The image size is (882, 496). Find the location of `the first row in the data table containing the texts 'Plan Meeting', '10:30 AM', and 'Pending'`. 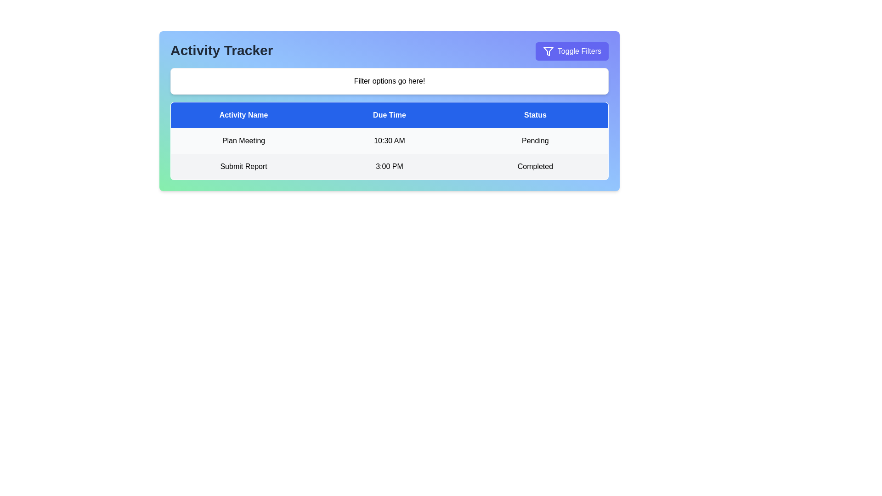

the first row in the data table containing the texts 'Plan Meeting', '10:30 AM', and 'Pending' is located at coordinates (390, 141).